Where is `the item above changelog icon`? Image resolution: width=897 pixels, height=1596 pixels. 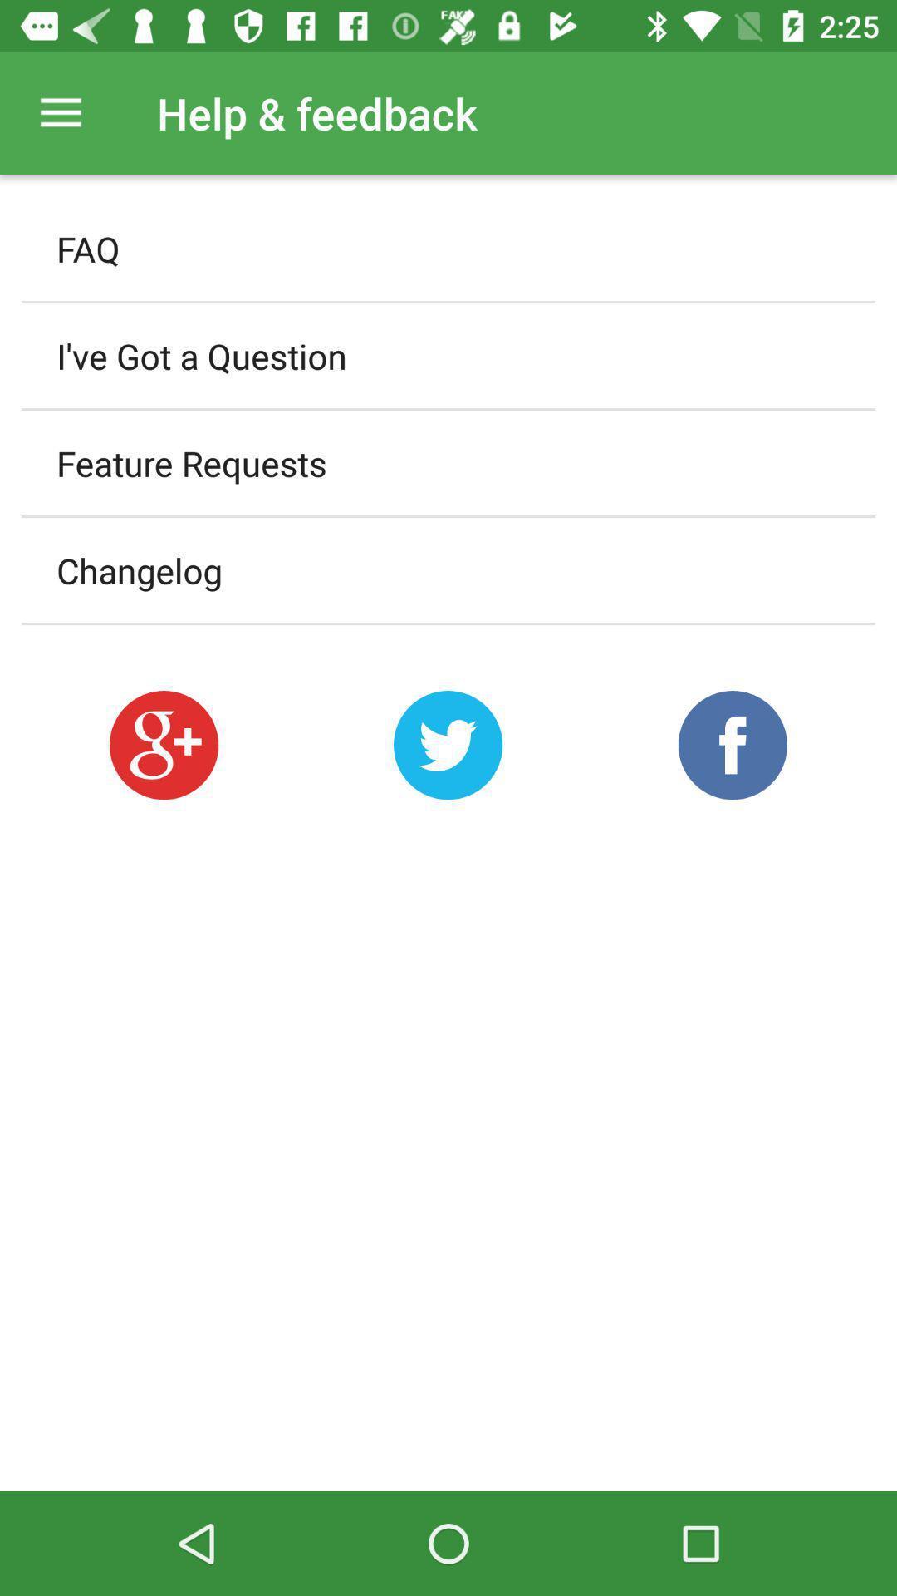
the item above changelog icon is located at coordinates (448, 463).